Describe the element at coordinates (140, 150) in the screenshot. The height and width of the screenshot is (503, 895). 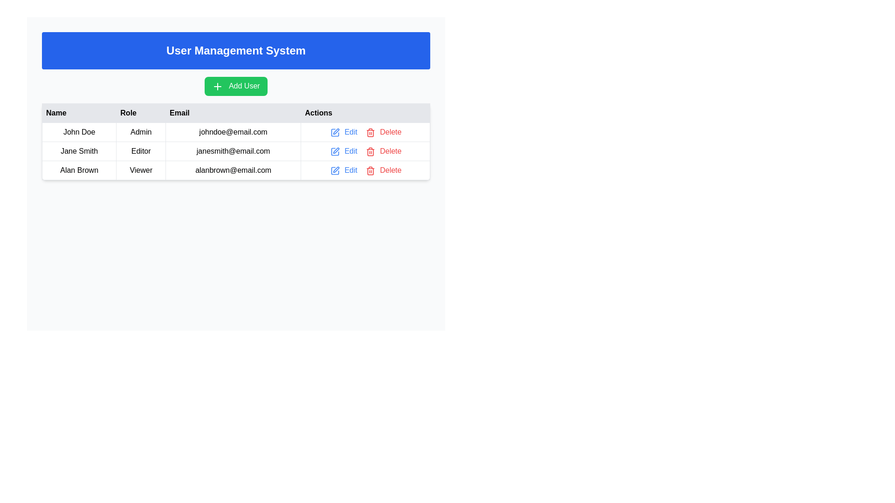
I see `the Static Text Label that indicates the role designation 'Editor' for the user 'Jane Smith' in the user management interface, located in the second row and second column under the 'Role' column` at that location.